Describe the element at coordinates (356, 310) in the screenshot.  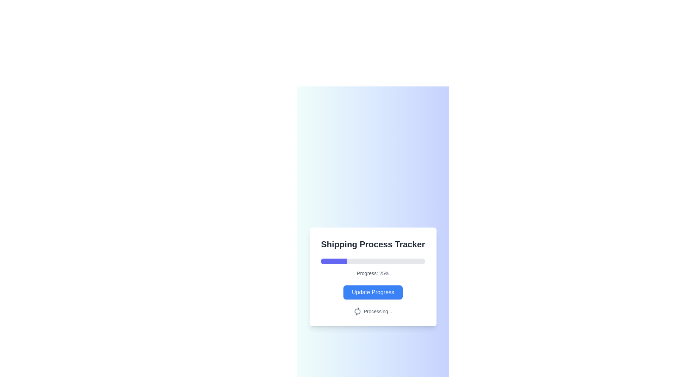
I see `the bottom left segment of the circular refresh icon, which is part of the SVG graphic representing a refresh or loading symbol` at that location.